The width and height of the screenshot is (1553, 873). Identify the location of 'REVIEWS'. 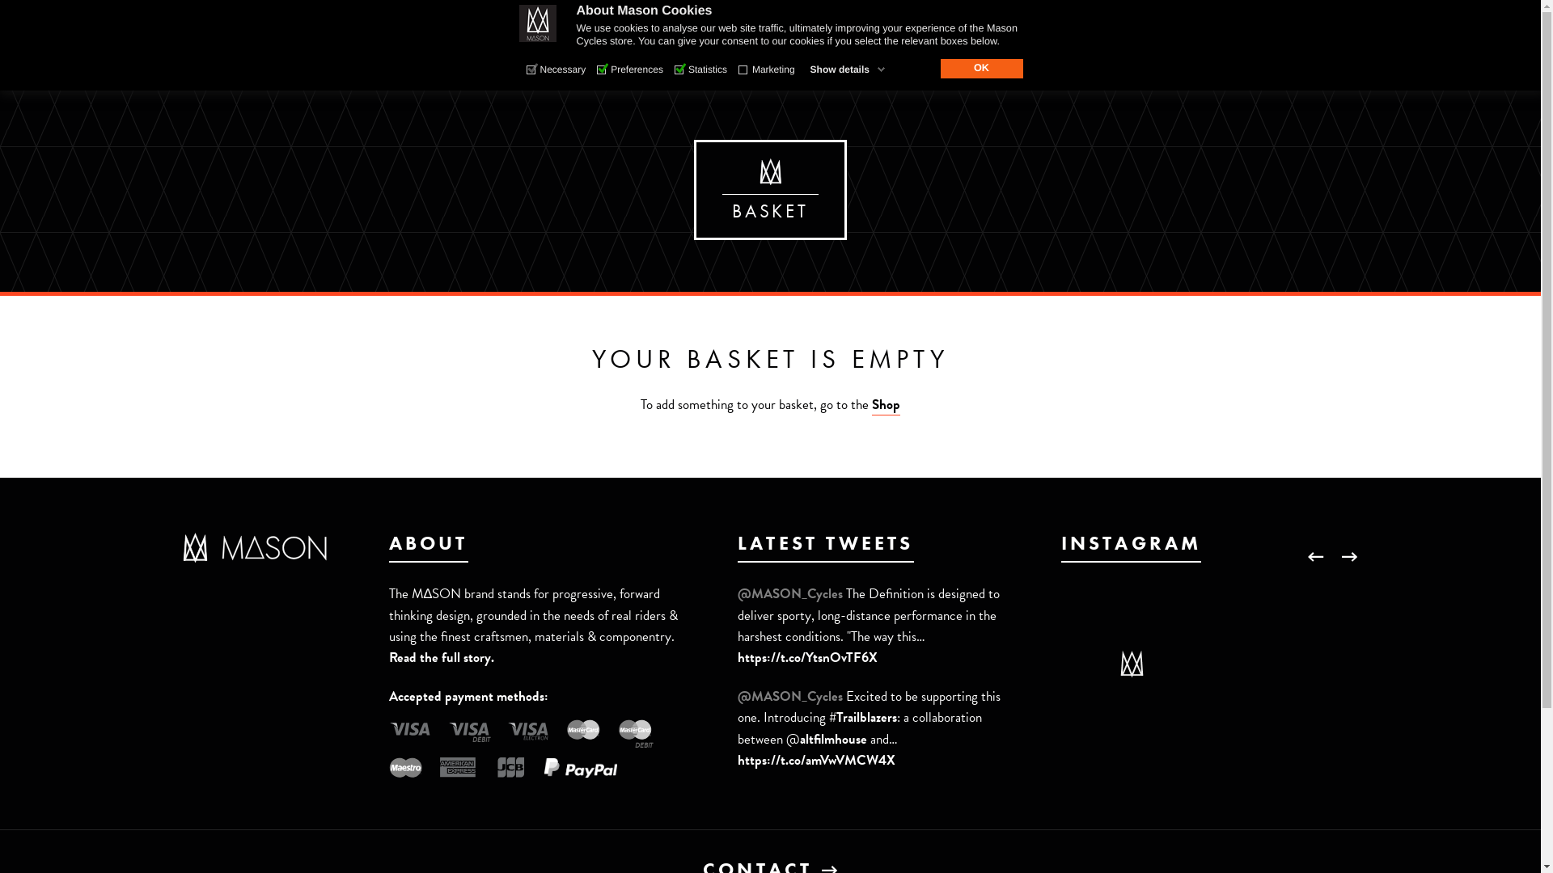
(889, 58).